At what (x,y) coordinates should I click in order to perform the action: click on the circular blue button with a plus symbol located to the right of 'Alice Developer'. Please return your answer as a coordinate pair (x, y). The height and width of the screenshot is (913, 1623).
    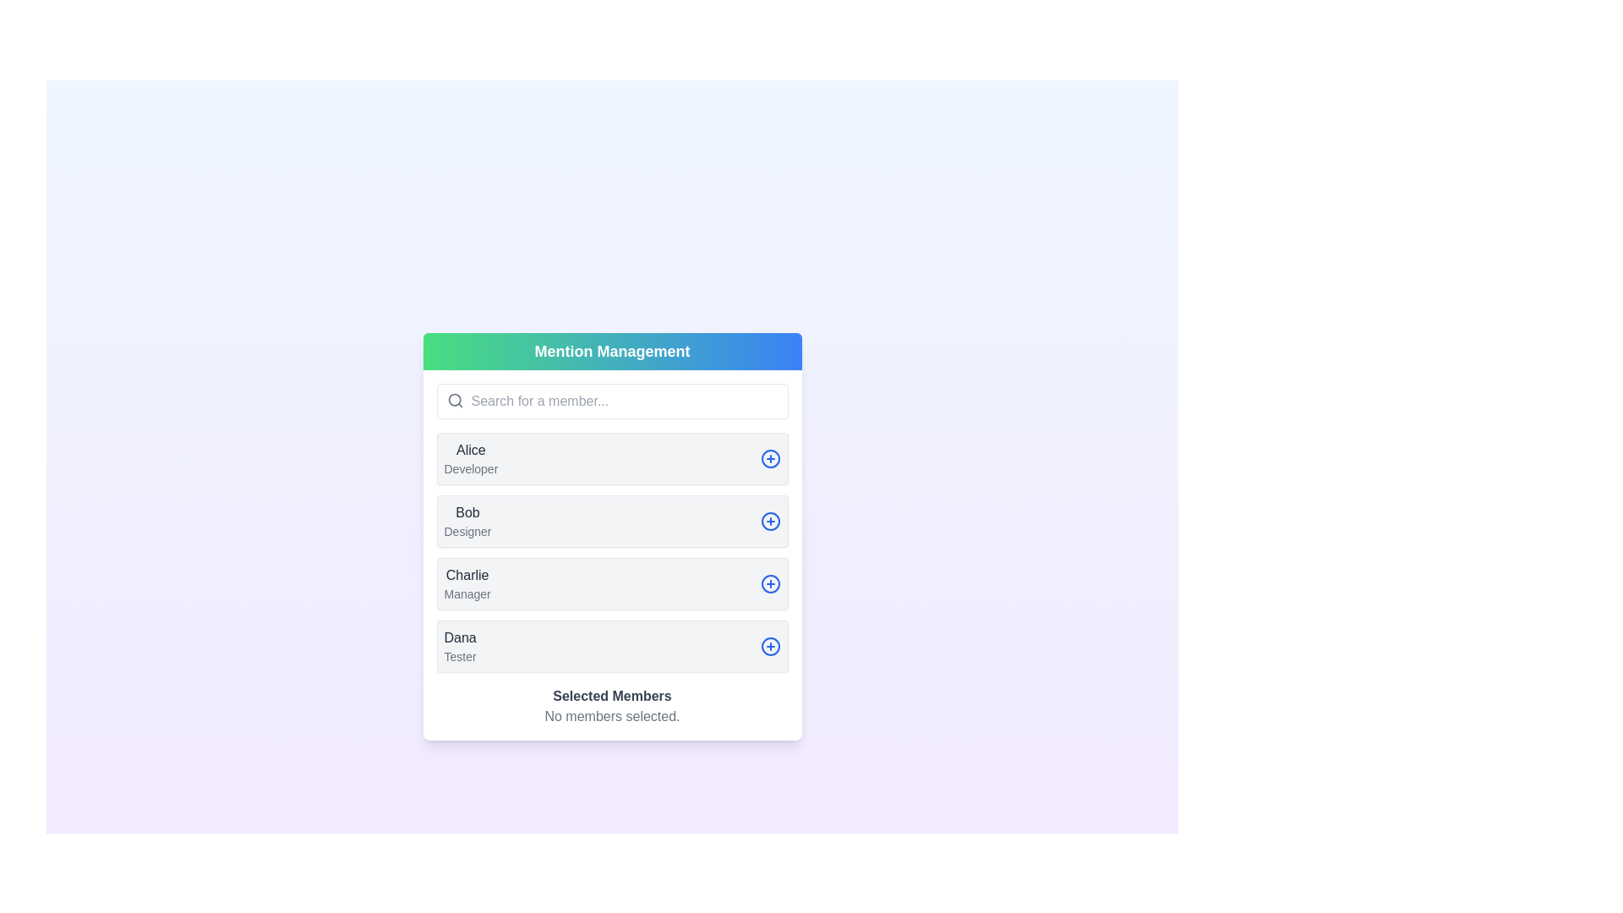
    Looking at the image, I should click on (769, 459).